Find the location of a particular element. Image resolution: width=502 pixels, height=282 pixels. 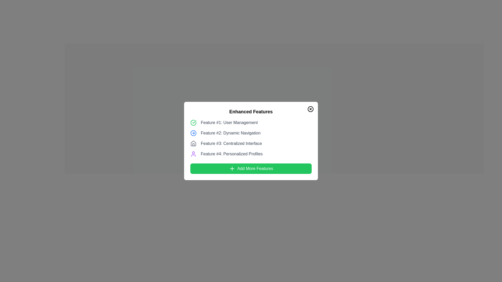

the circular arrow icon indicating 'Dynamic Navigation', located to the left of the label 'Feature #2: Dynamic Navigation' is located at coordinates (193, 133).